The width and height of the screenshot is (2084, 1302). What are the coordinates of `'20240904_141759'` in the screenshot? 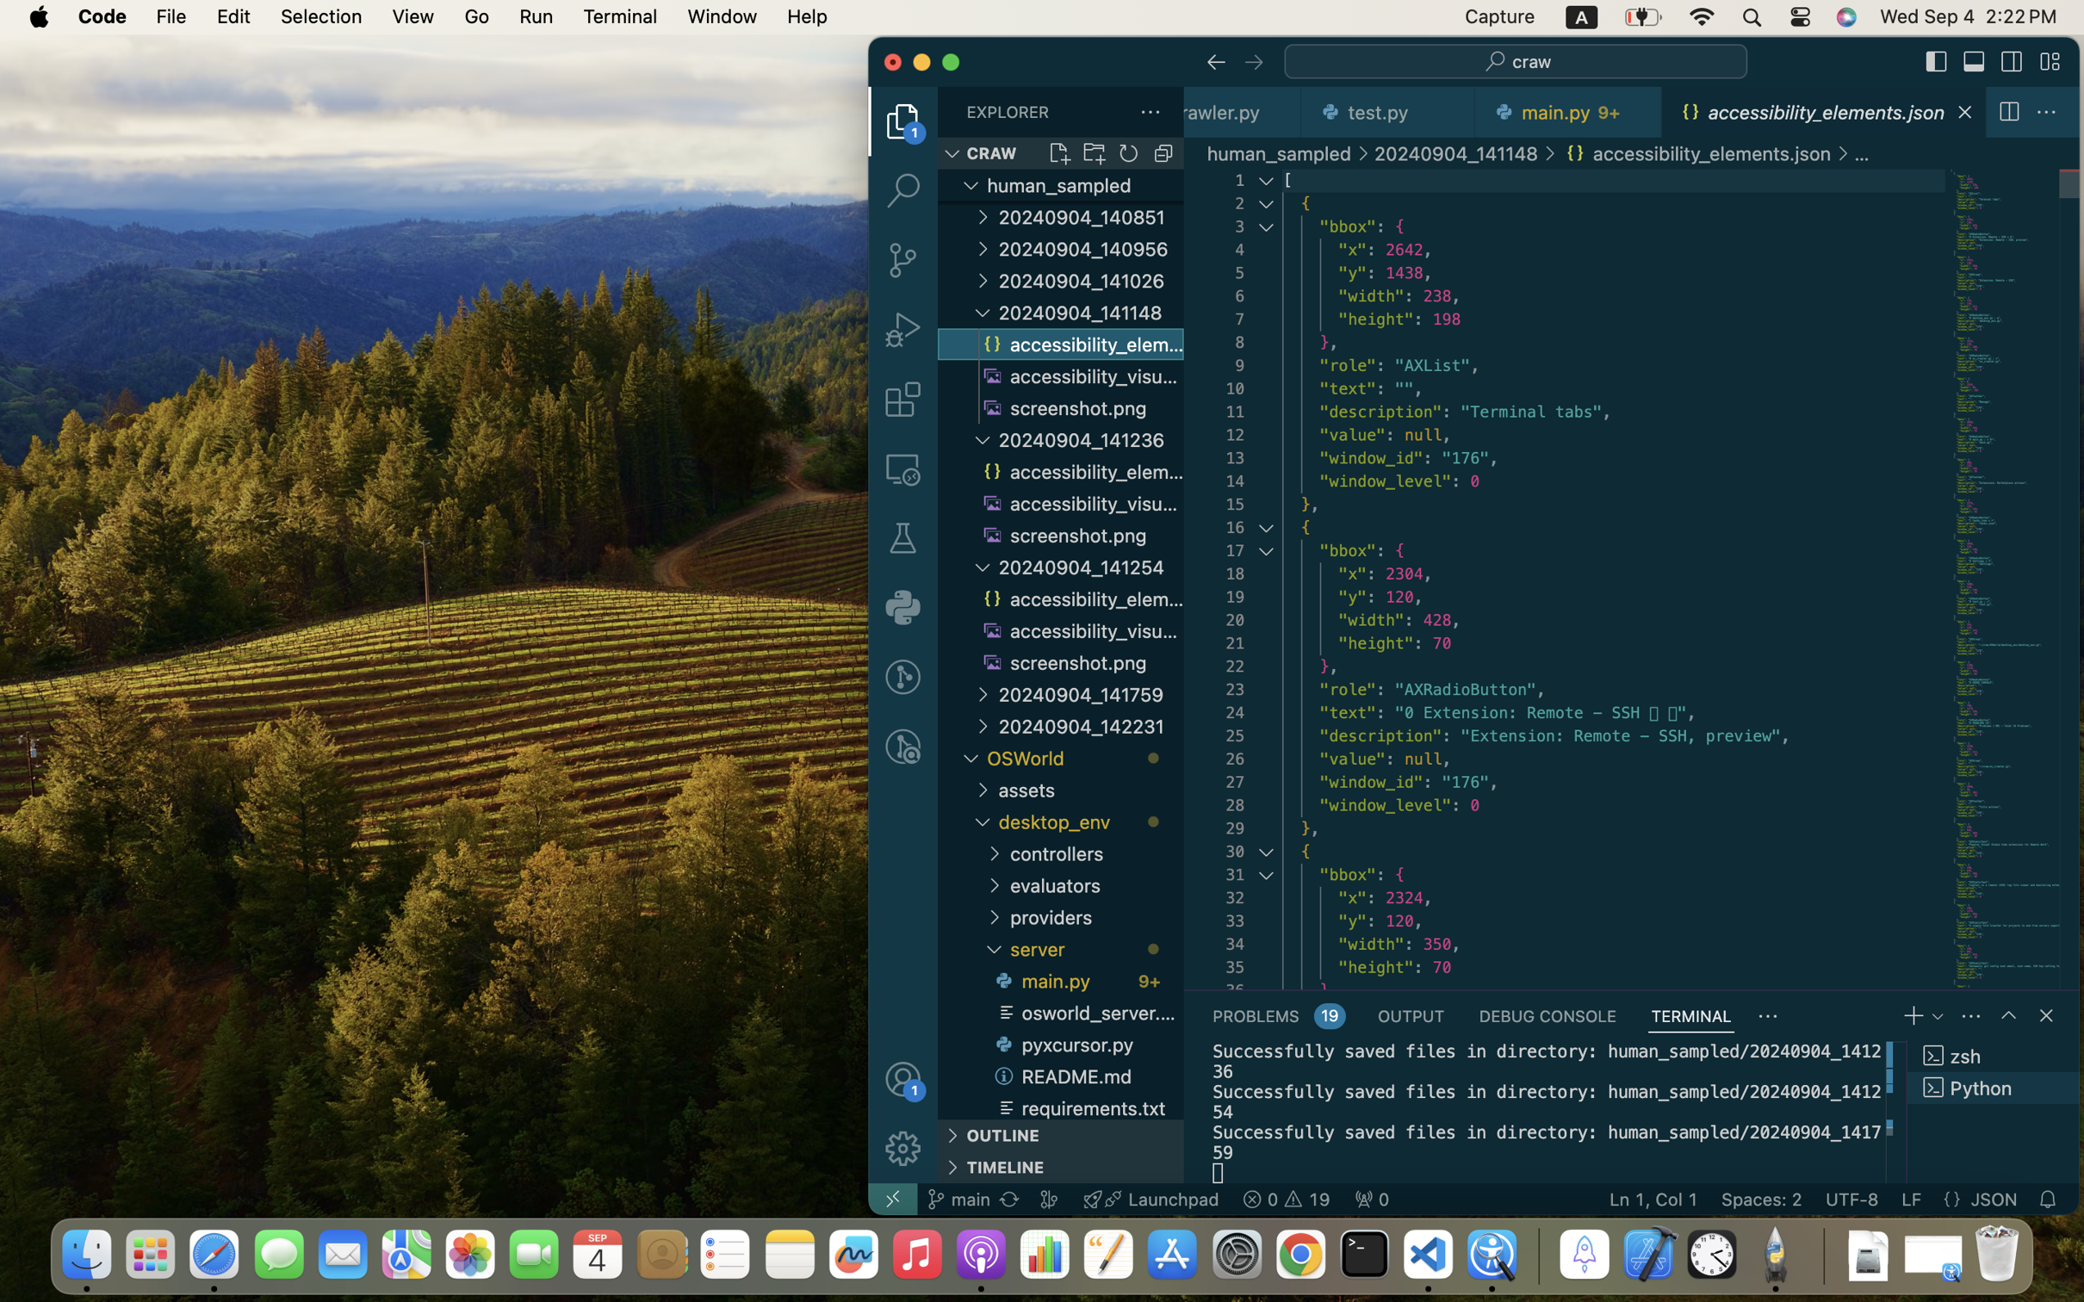 It's located at (1089, 693).